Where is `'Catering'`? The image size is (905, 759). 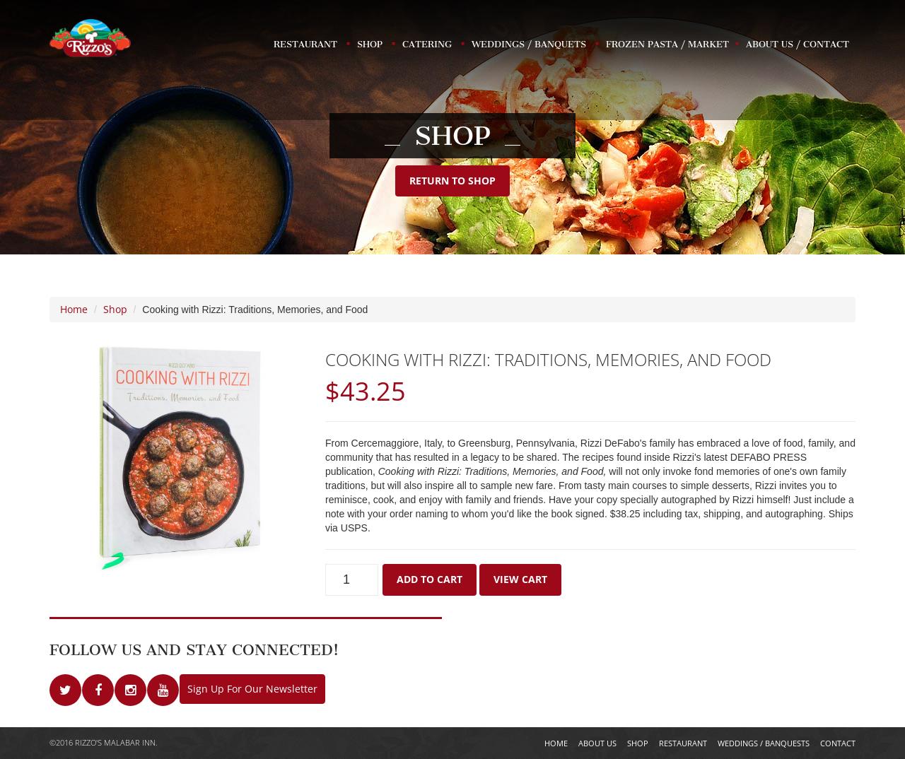
'Catering' is located at coordinates (426, 56).